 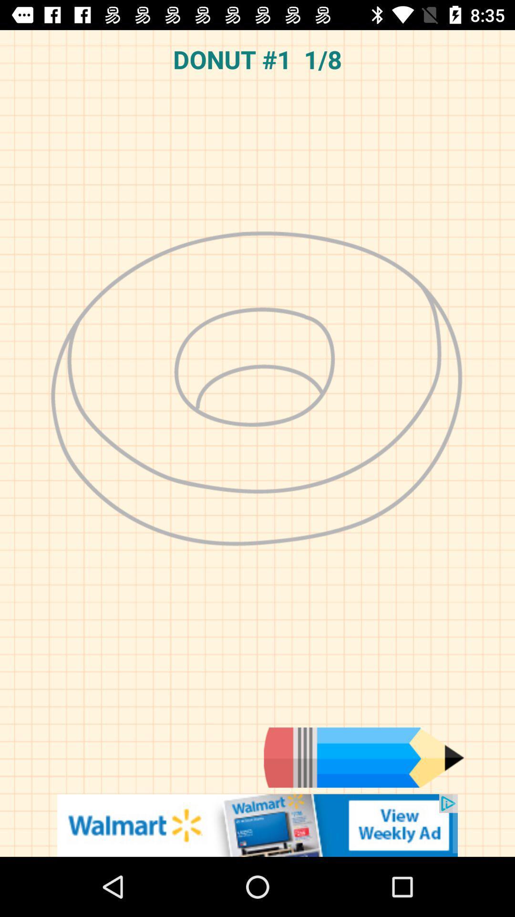 What do you see at coordinates (257, 825) in the screenshot?
I see `open advertisement` at bounding box center [257, 825].